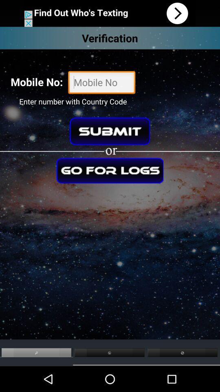  Describe the element at coordinates (110, 170) in the screenshot. I see `page` at that location.